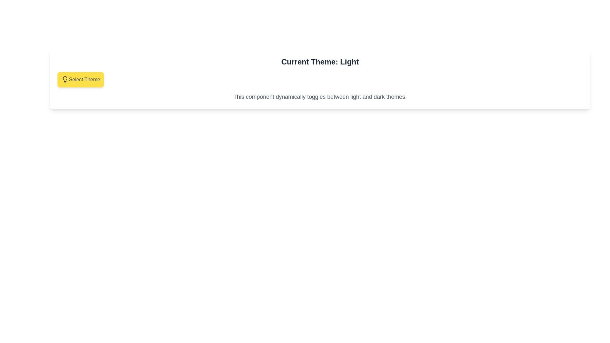  What do you see at coordinates (320, 97) in the screenshot?
I see `the text element that describes the dynamic theme toggling, which is styled in gray with a medium-large sans-serif font and located beneath the 'Select Theme' button` at bounding box center [320, 97].